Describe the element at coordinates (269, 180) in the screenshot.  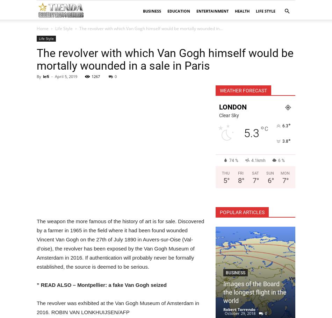
I see `'6'` at that location.